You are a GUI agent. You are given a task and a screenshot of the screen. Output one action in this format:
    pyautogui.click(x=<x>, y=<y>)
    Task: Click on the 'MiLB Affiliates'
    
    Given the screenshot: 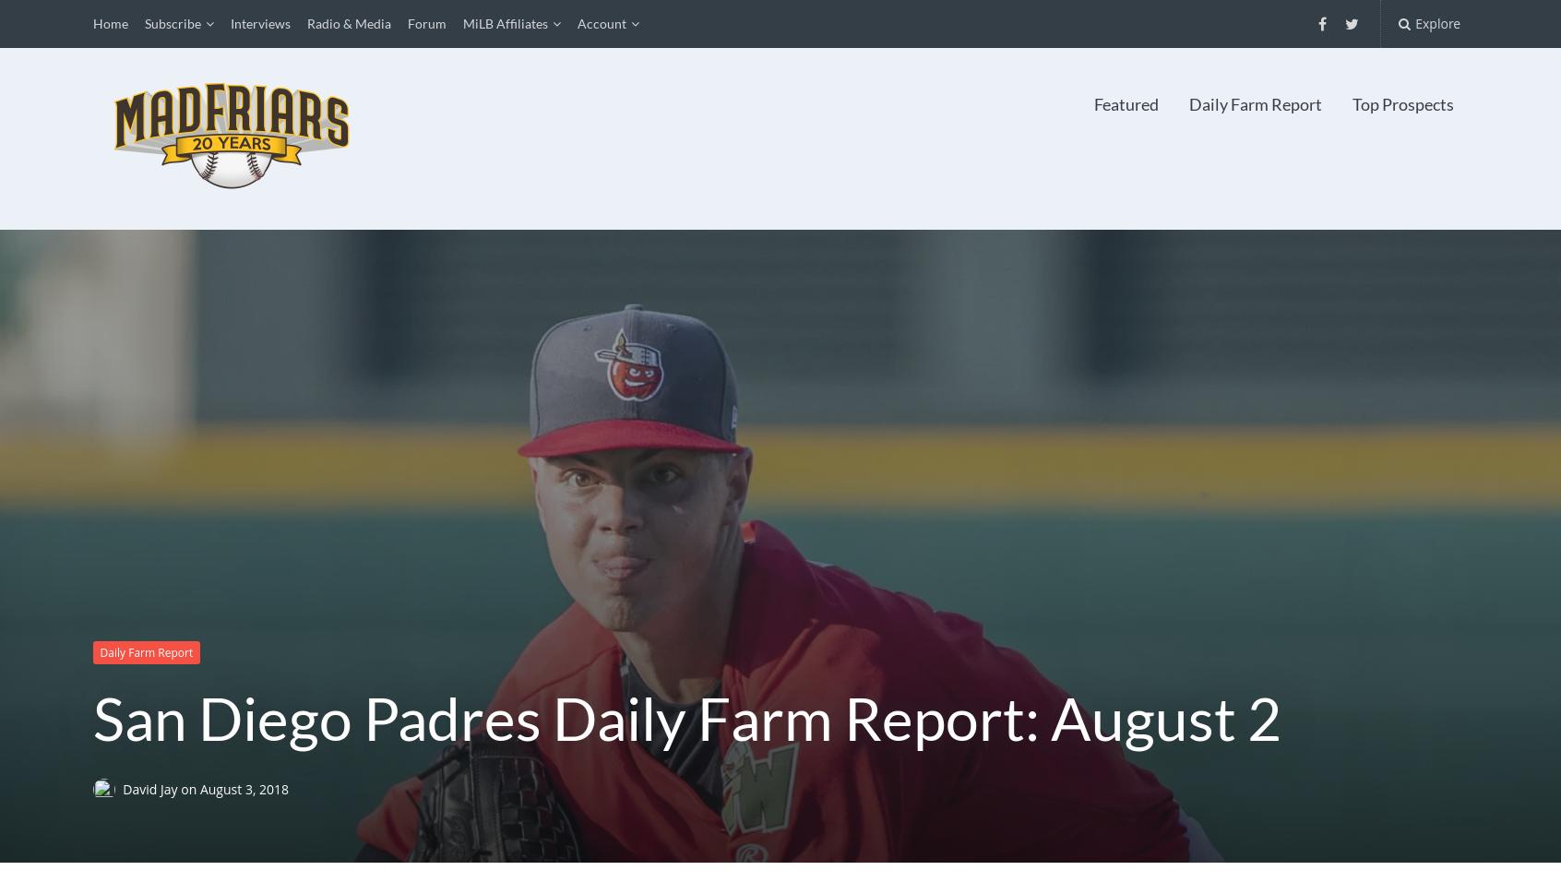 What is the action you would take?
    pyautogui.click(x=505, y=23)
    